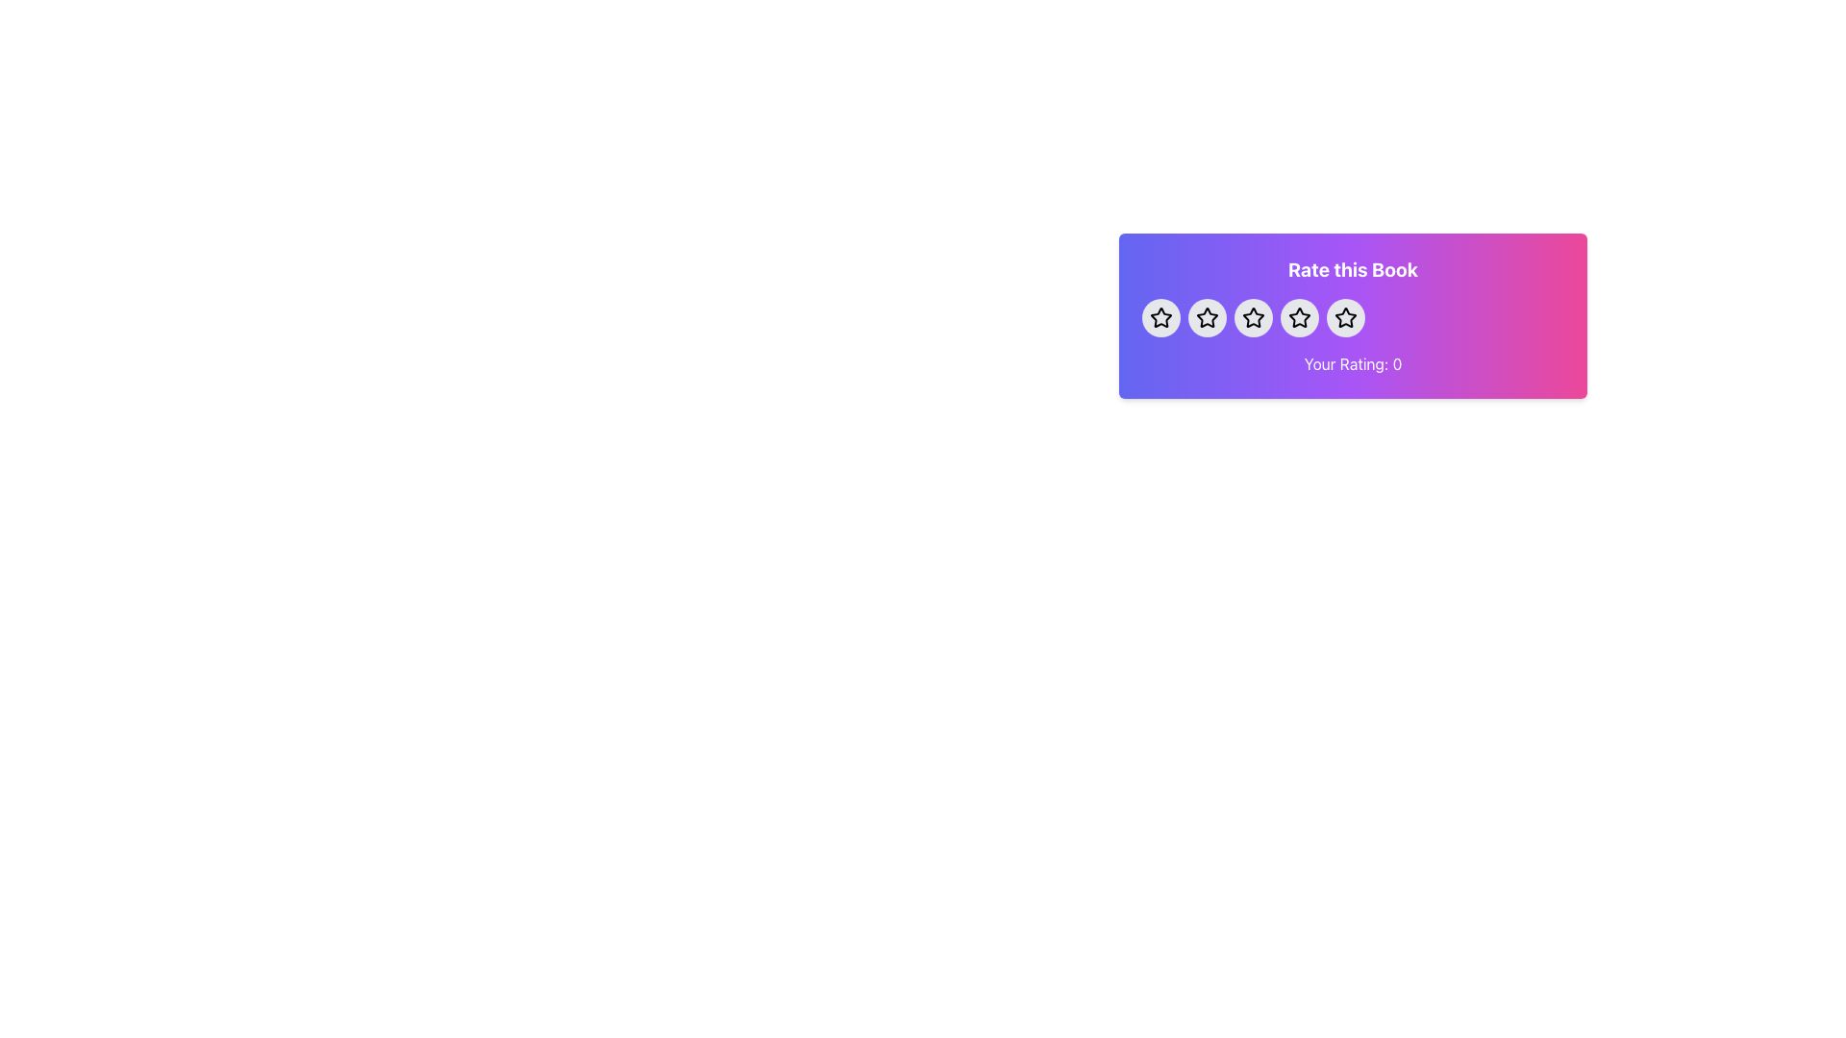 Image resolution: width=1846 pixels, height=1038 pixels. Describe the element at coordinates (1254, 317) in the screenshot. I see `the third star button in a row of five, which is a rounded star icon button with a circular gray background, to rate the book` at that location.